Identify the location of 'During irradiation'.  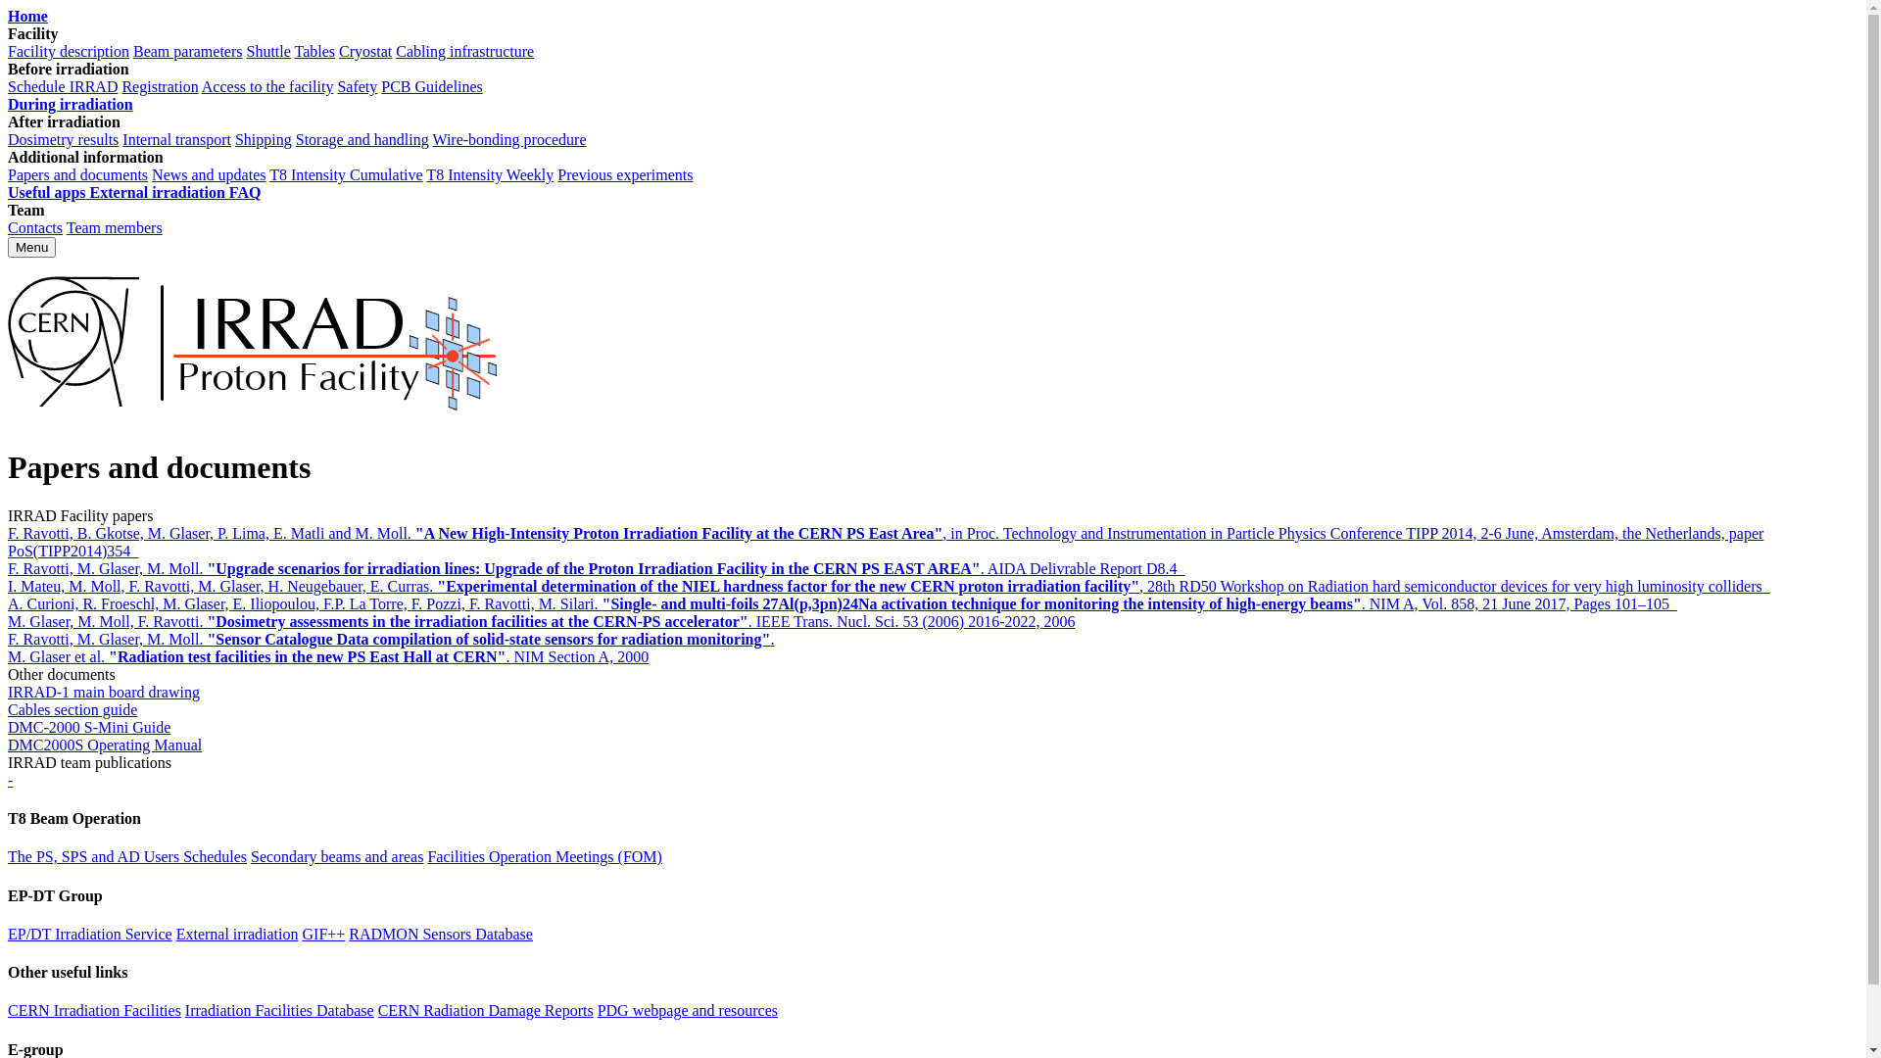
(71, 104).